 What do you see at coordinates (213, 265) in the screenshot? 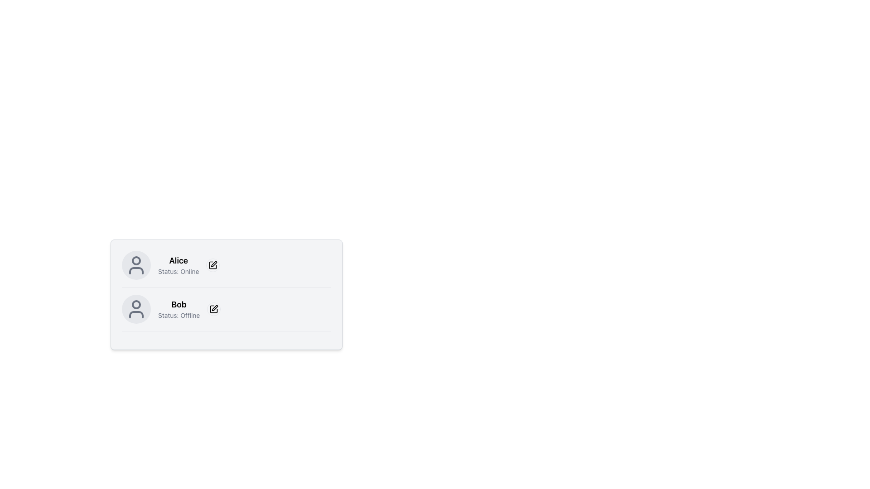
I see `the edit button icon located at the top-right corner of Alice's user information section` at bounding box center [213, 265].